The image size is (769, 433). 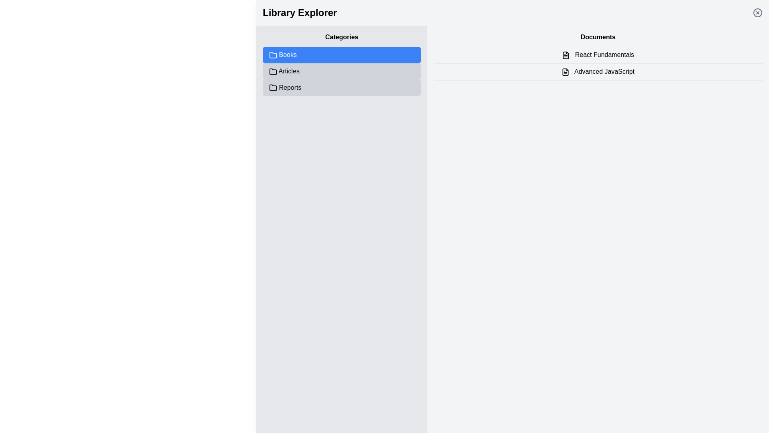 I want to click on the folder icon in the 'Reports' section of the 'Categories' sidebar, so click(x=273, y=87).